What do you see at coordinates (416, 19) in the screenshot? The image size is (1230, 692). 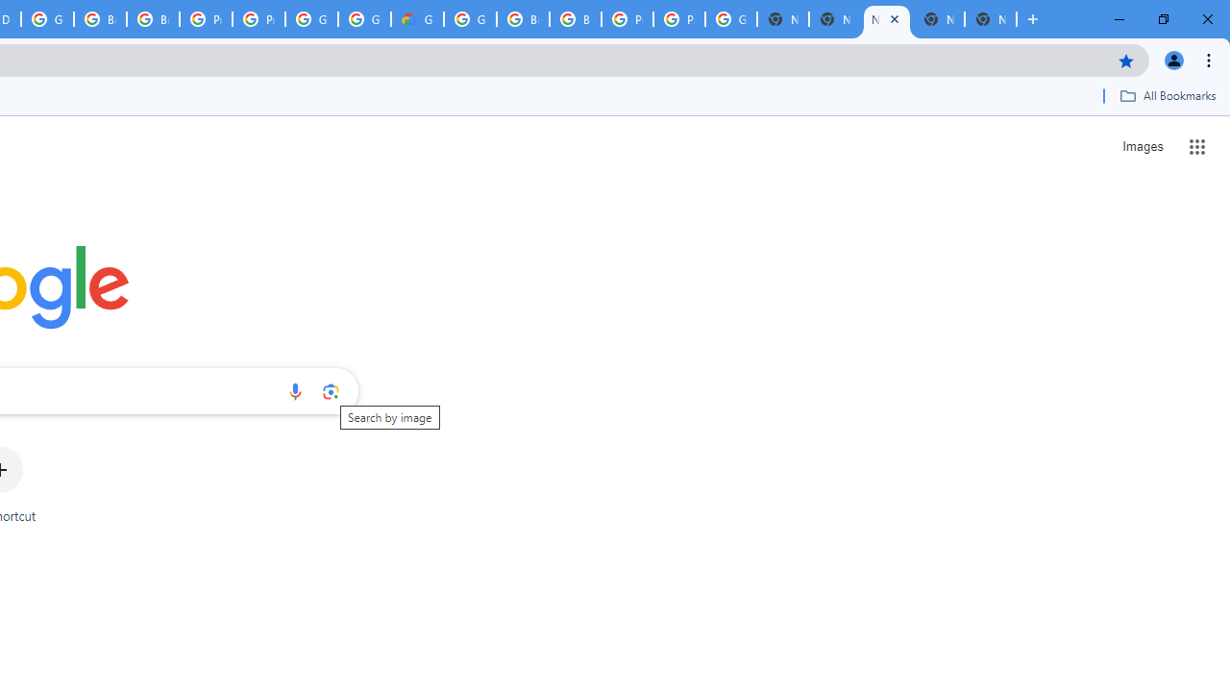 I see `'Google Cloud Estimate Summary'` at bounding box center [416, 19].